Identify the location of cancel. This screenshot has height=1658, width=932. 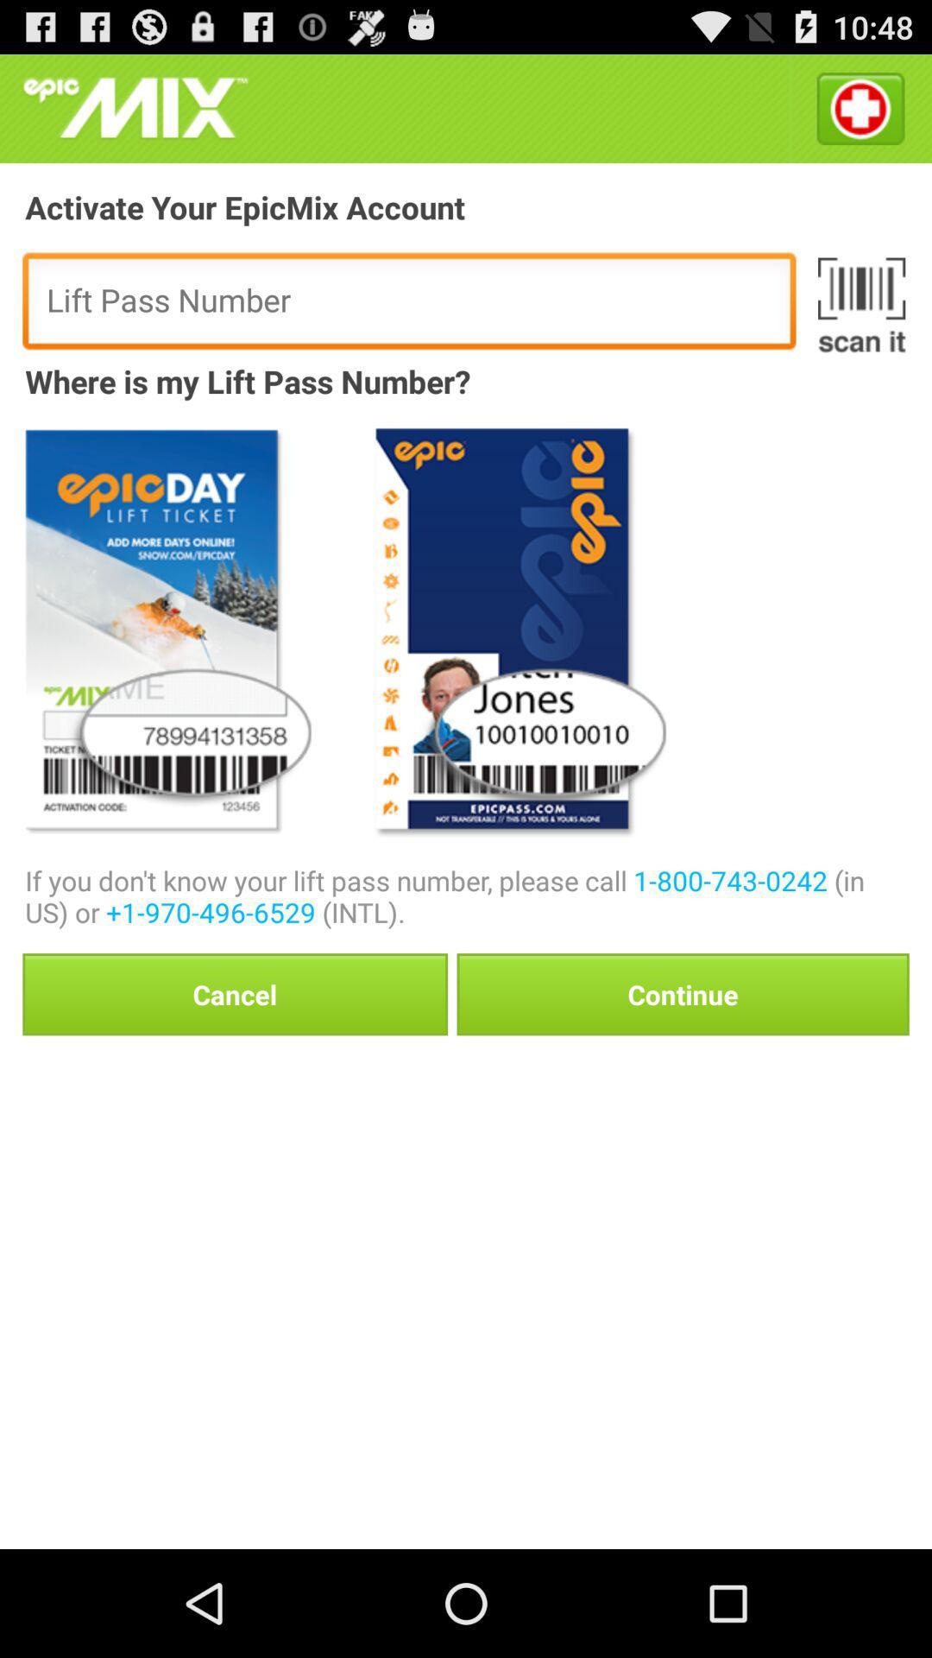
(235, 994).